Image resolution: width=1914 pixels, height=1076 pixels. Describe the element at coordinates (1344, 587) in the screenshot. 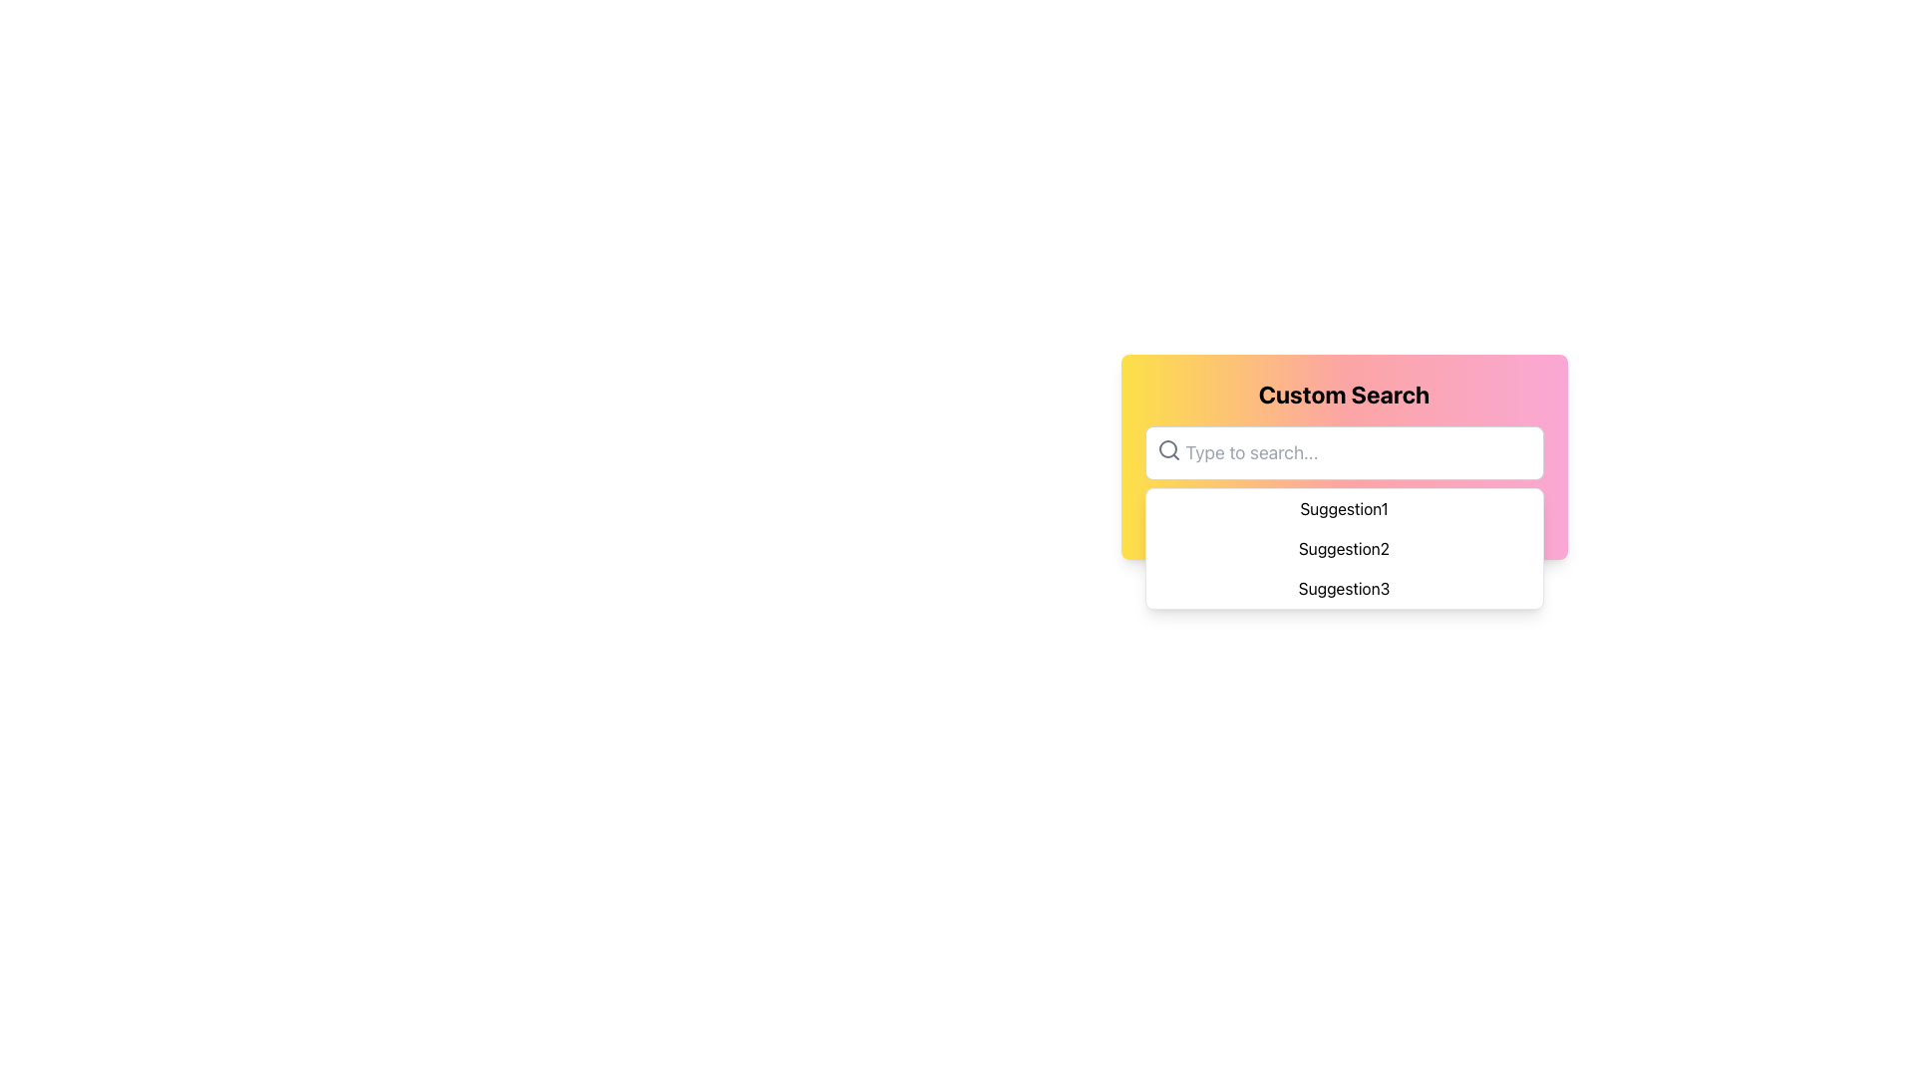

I see `the third item` at that location.